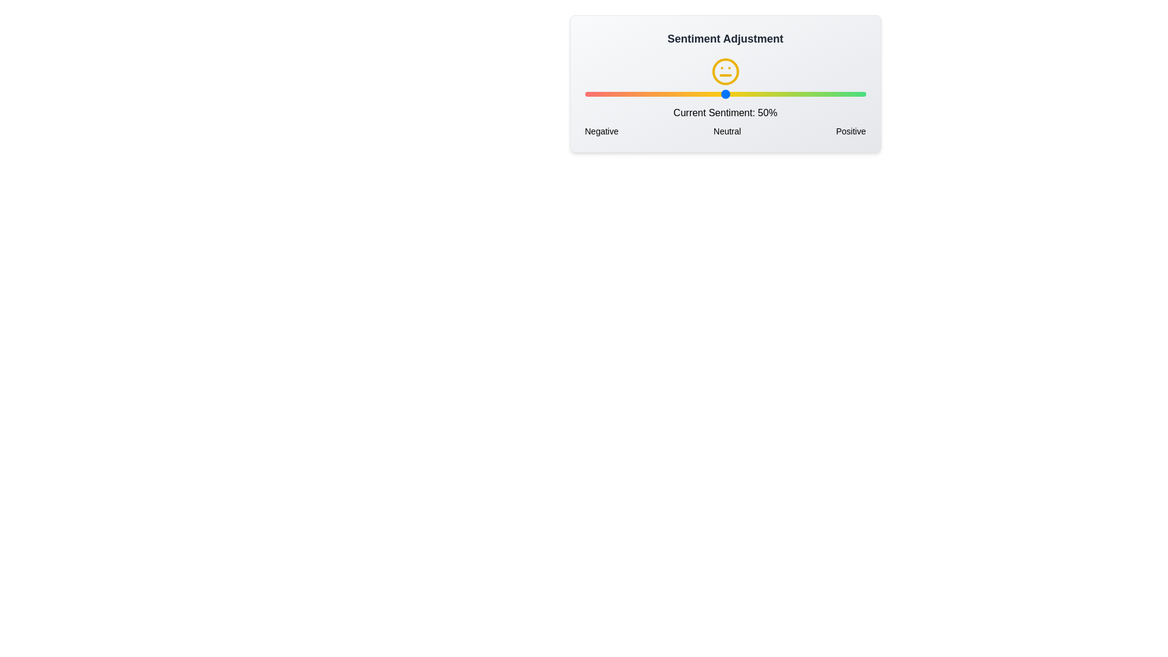 The image size is (1168, 657). What do you see at coordinates (753, 93) in the screenshot?
I see `the sentiment slider to 60%` at bounding box center [753, 93].